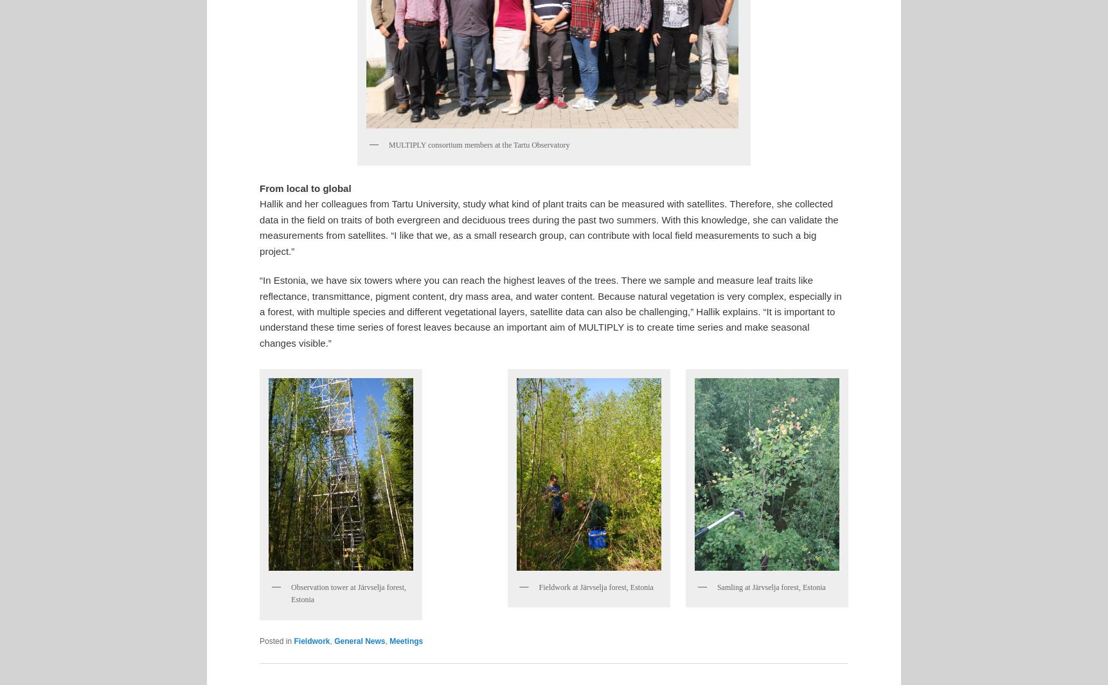 The height and width of the screenshot is (685, 1108). I want to click on 'Meetings', so click(406, 641).